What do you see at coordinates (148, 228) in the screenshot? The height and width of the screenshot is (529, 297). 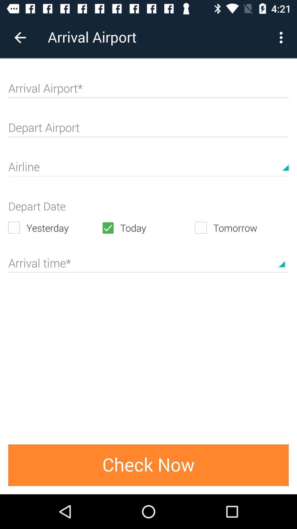 I see `today icon` at bounding box center [148, 228].